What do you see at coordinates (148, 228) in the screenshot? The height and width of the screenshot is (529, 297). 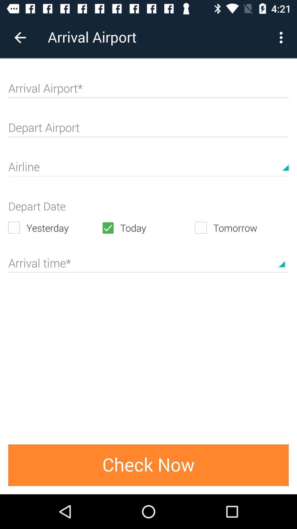 I see `today icon` at bounding box center [148, 228].